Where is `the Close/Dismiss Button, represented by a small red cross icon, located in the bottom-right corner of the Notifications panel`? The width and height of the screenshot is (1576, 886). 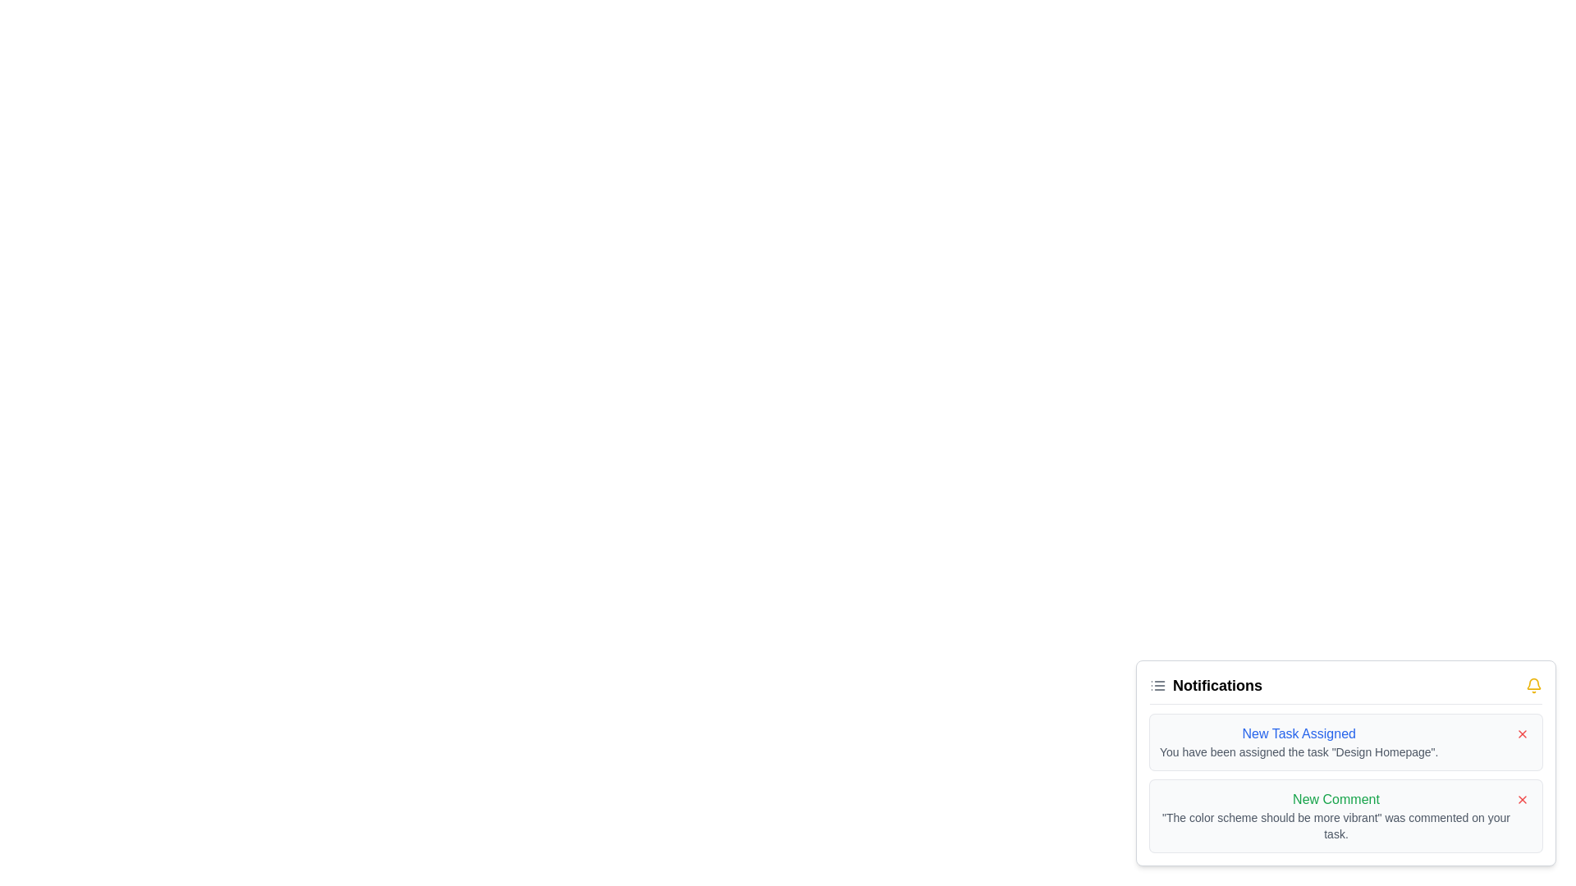
the Close/Dismiss Button, represented by a small red cross icon, located in the bottom-right corner of the Notifications panel is located at coordinates (1521, 799).